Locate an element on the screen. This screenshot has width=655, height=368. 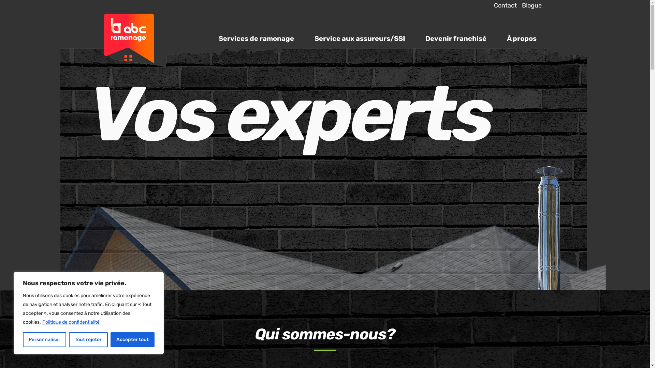
'Contact' is located at coordinates (503, 5).